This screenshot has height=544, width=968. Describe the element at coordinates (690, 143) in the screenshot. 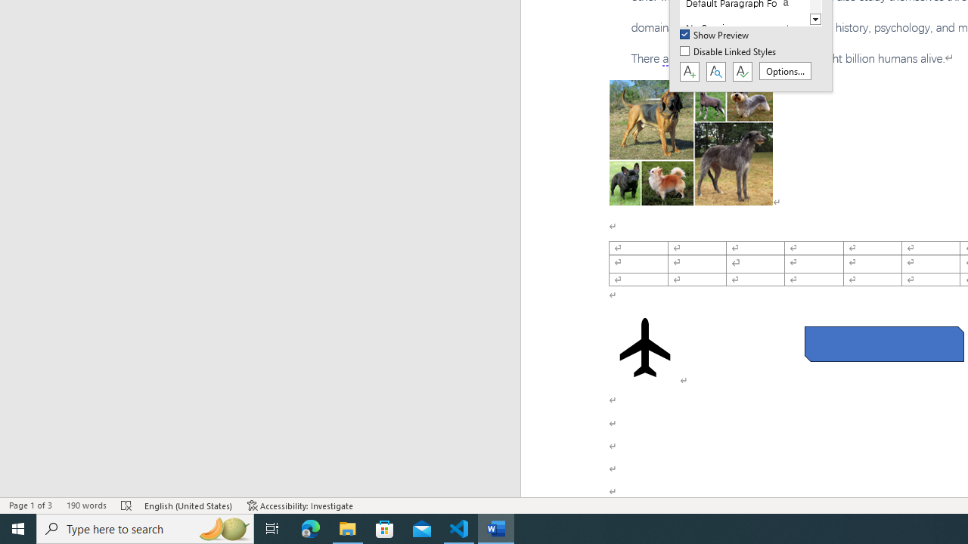

I see `'Morphological variation in six dogs'` at that location.